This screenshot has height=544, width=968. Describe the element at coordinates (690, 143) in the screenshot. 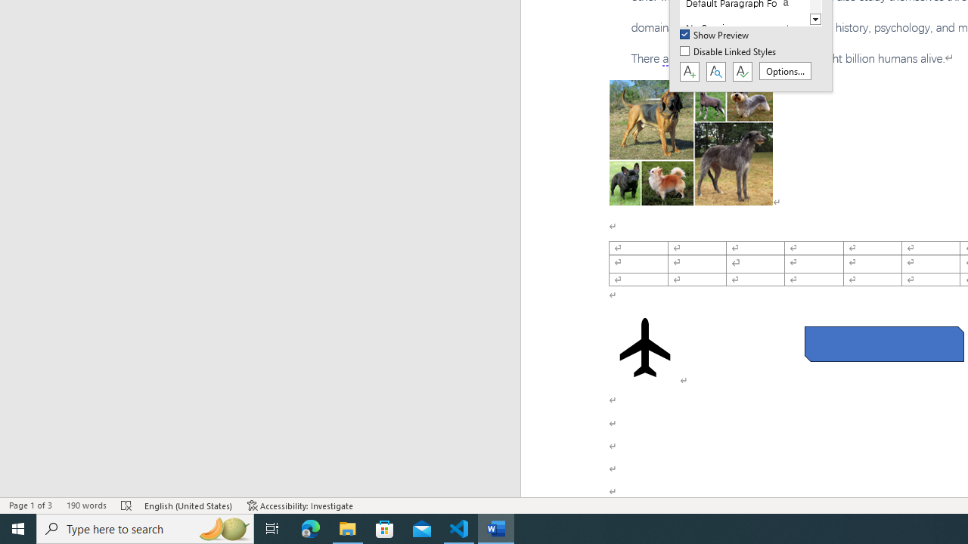

I see `'Morphological variation in six dogs'` at that location.